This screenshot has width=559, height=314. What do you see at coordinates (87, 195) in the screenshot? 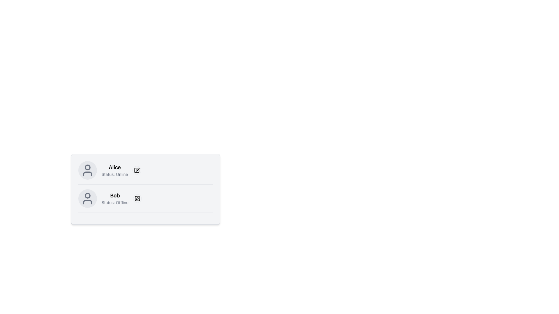
I see `the user profile icon representing the head of the user avatar for 'Bob', which is positioned above the user's textual information` at bounding box center [87, 195].